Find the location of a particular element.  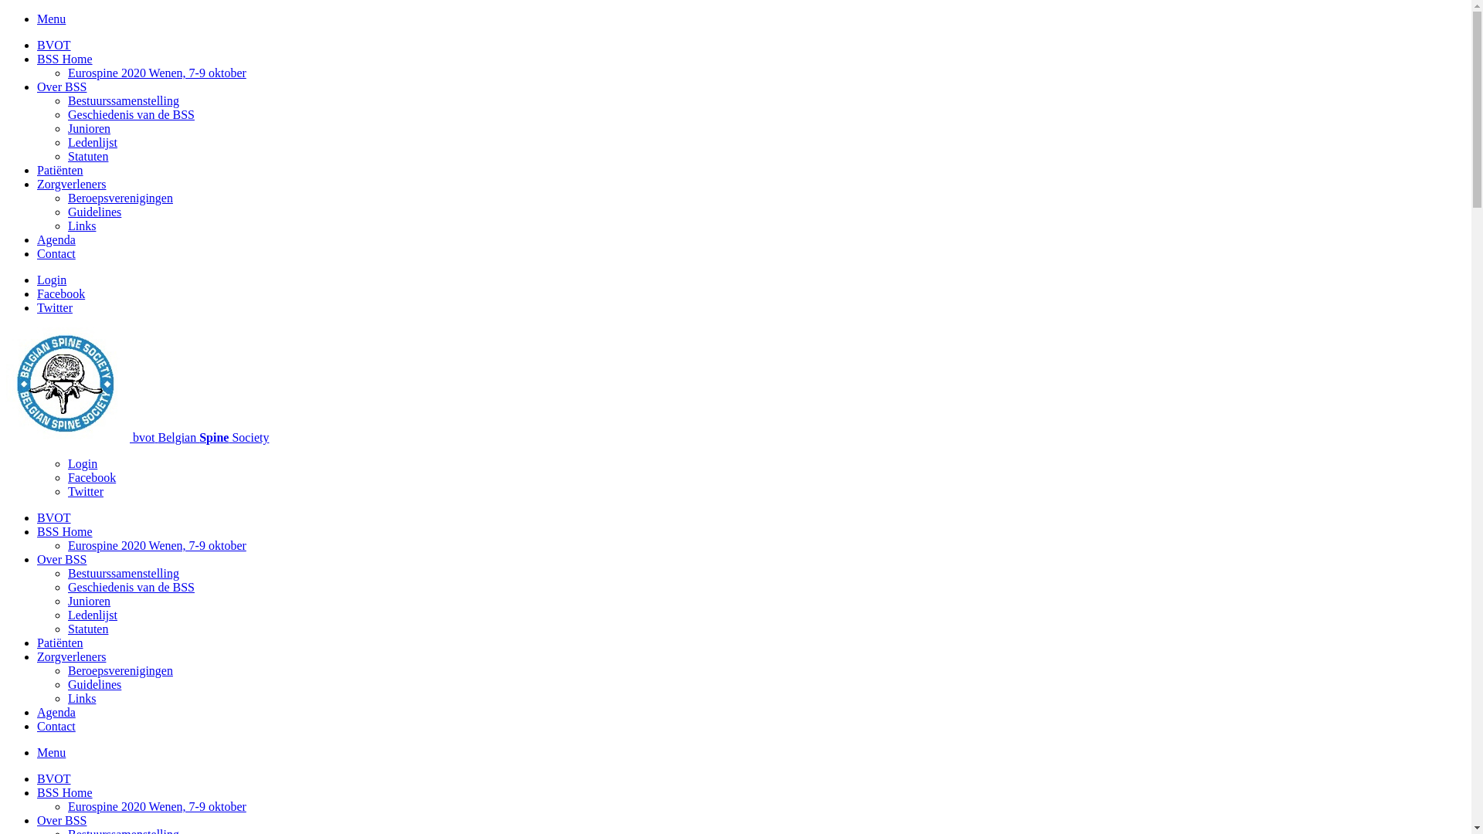

'Contact' is located at coordinates (56, 726).